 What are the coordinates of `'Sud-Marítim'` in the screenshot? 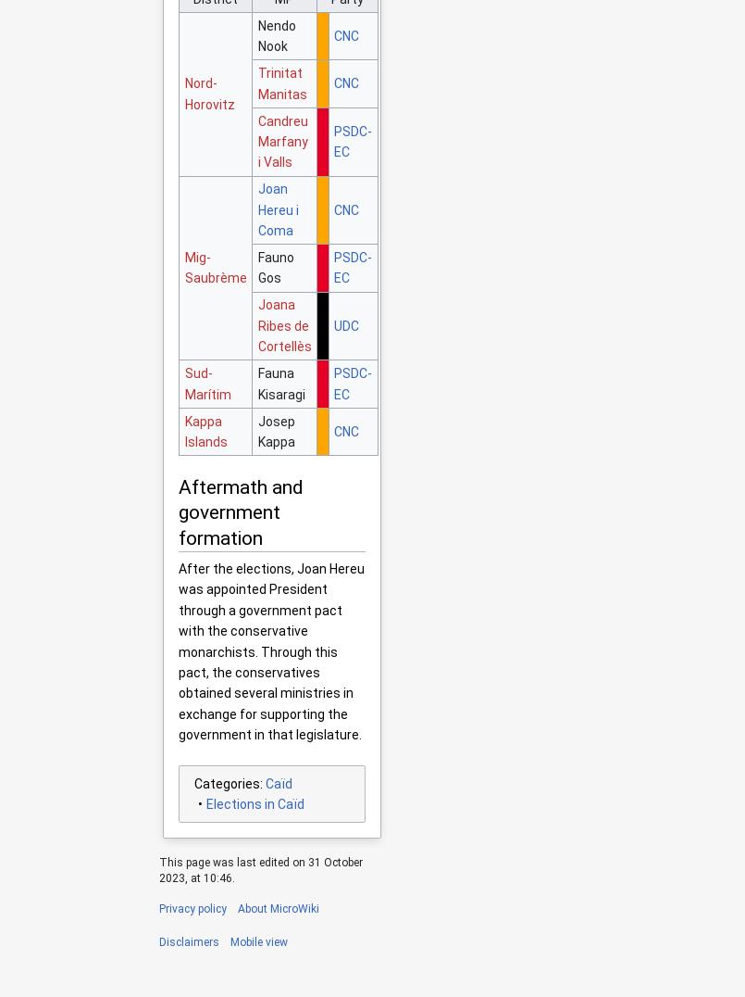 It's located at (206, 384).